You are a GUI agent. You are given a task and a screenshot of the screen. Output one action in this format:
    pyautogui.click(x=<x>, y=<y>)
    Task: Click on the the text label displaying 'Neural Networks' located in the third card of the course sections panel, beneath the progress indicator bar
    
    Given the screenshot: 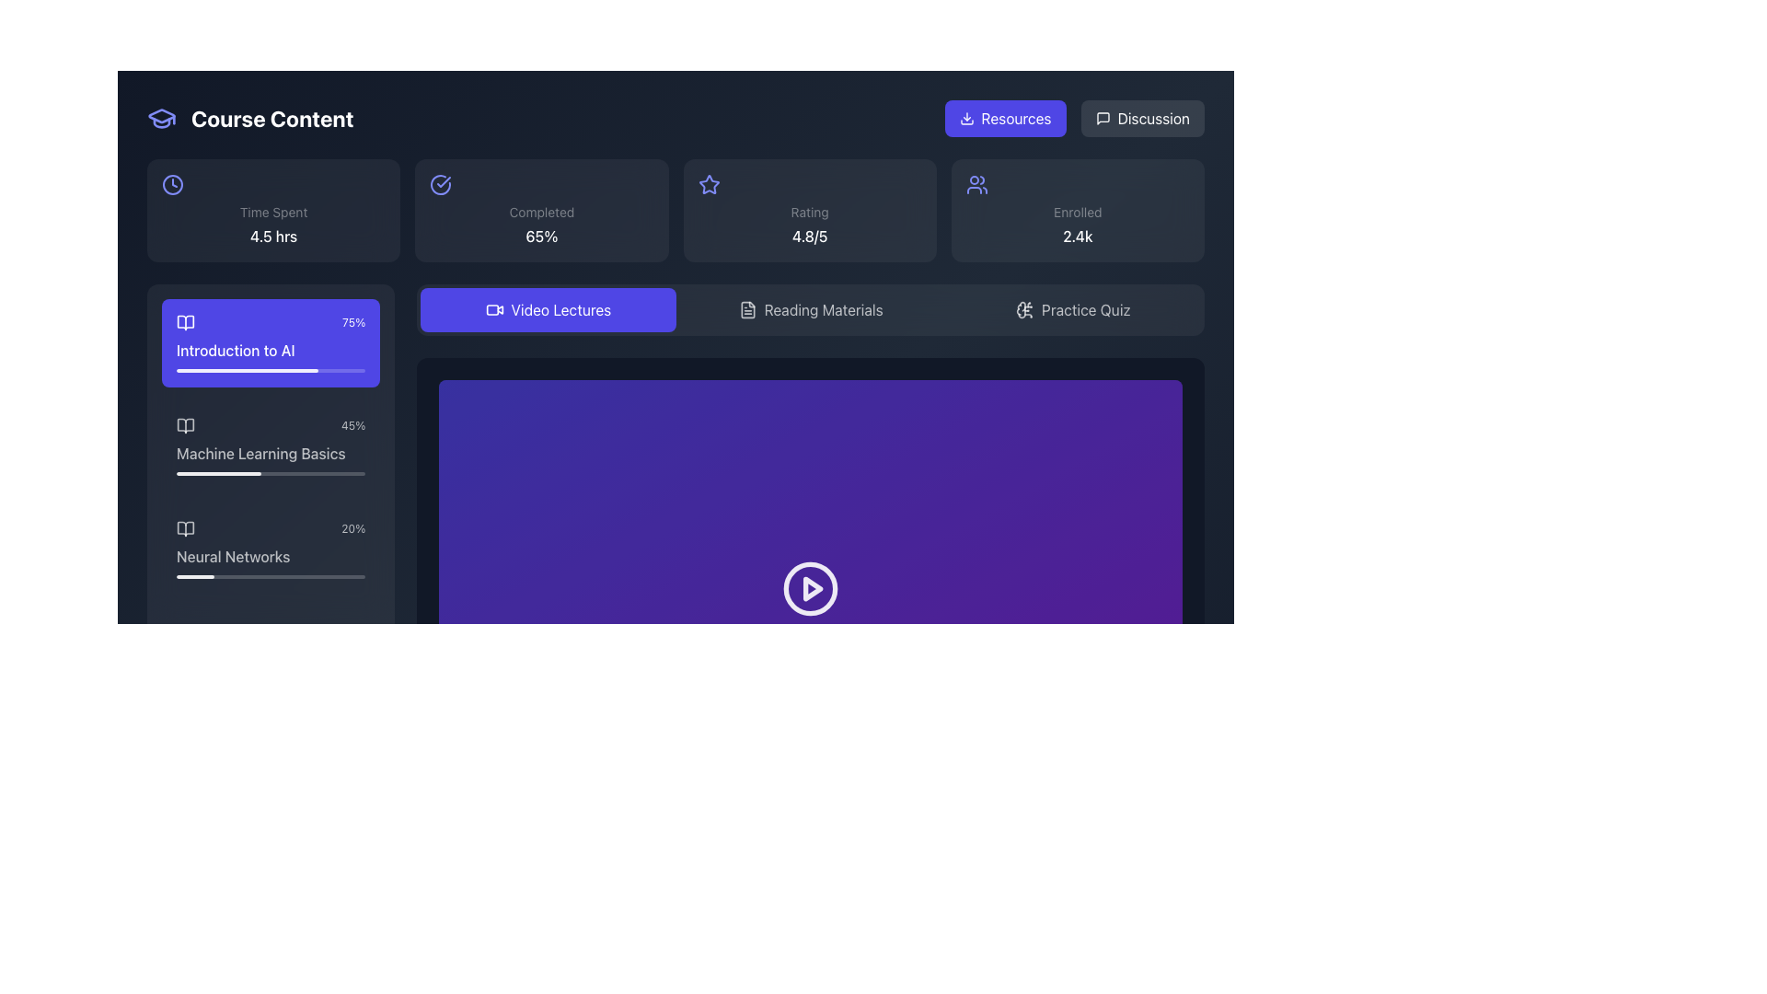 What is the action you would take?
    pyautogui.click(x=270, y=556)
    